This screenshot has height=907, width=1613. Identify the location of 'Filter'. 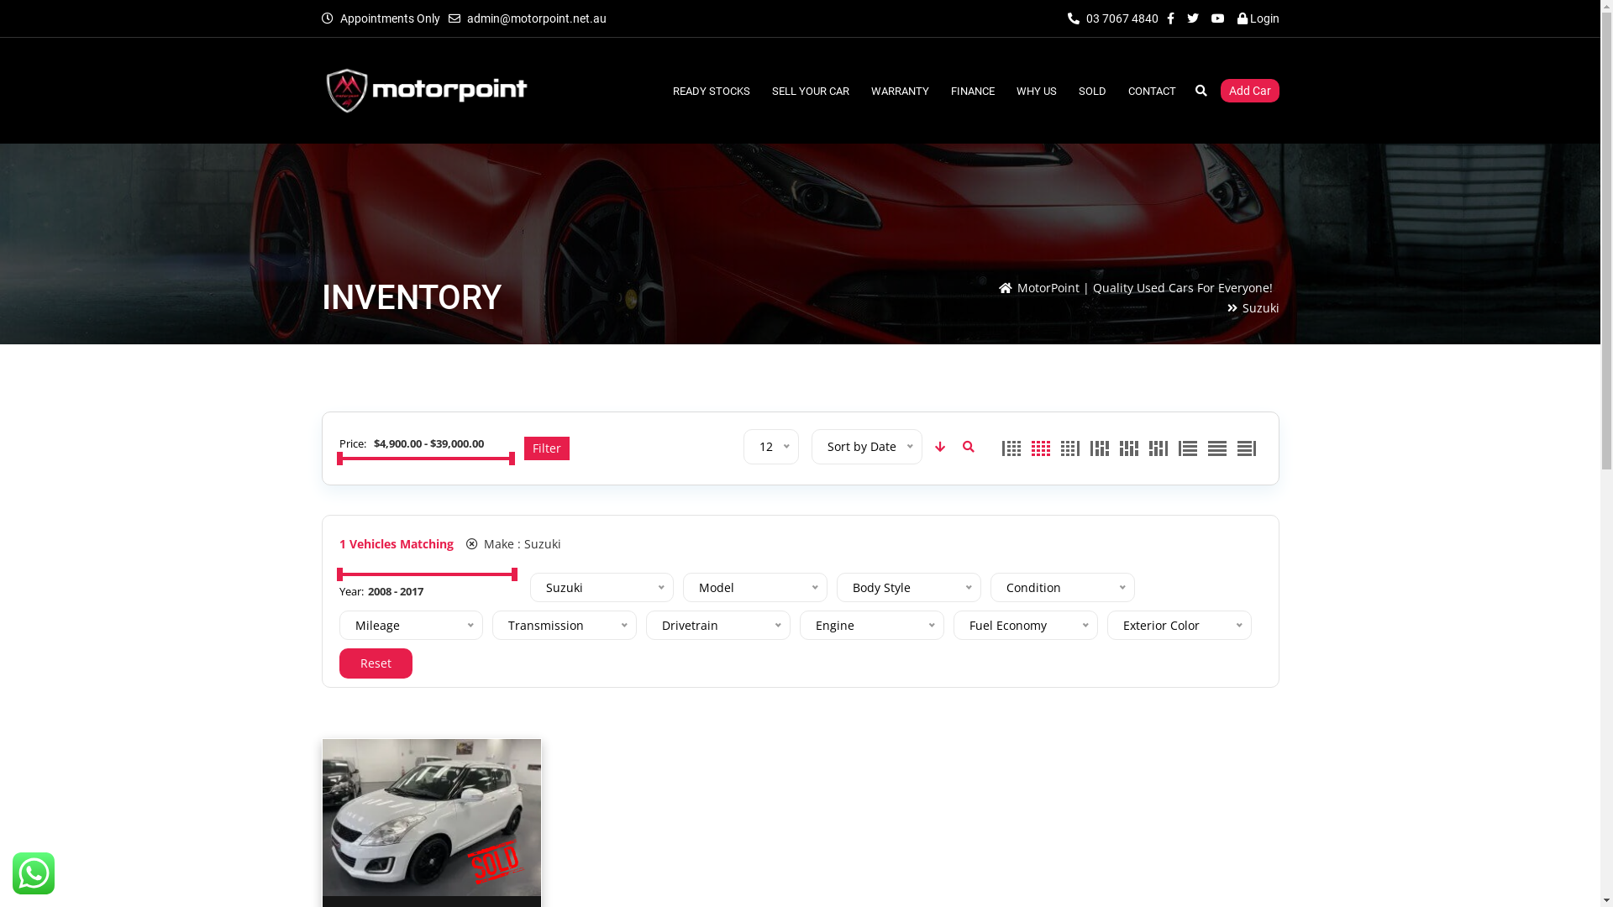
(523, 447).